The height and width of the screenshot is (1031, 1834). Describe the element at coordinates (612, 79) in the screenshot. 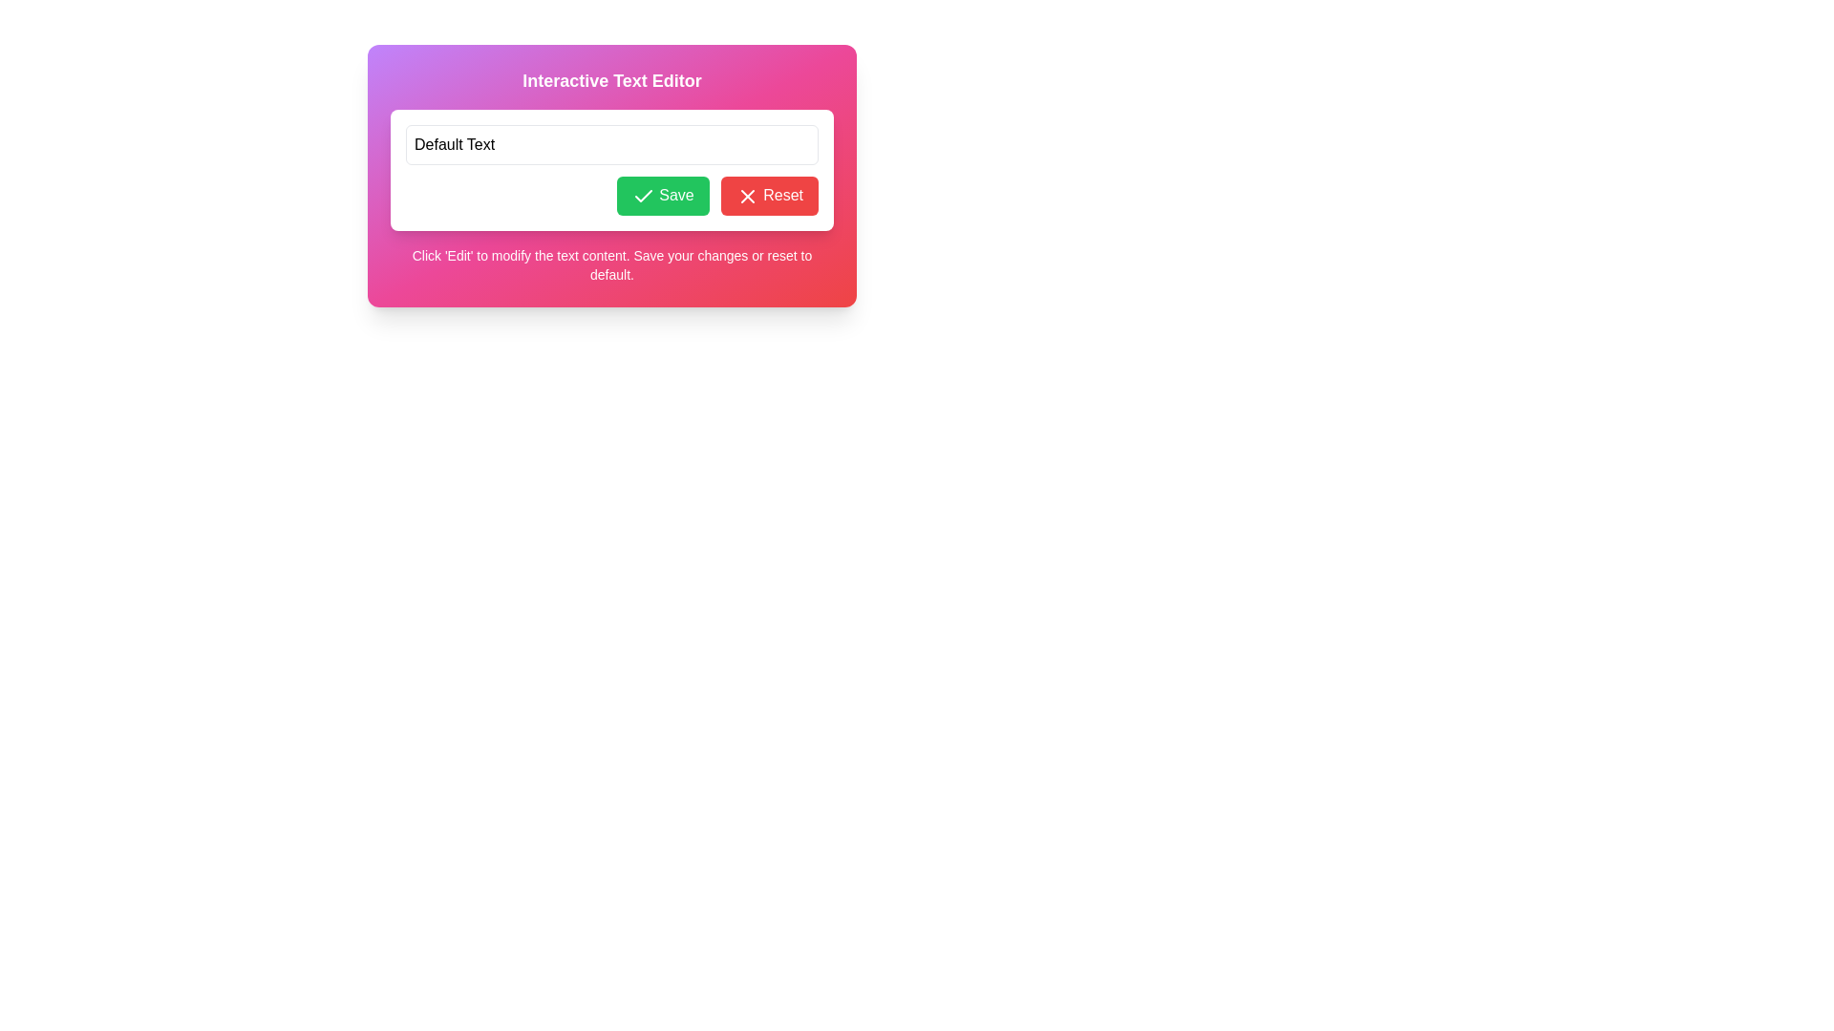

I see `the Text Label that serves as the header for the text editor interface, positioned at the top of the panel` at that location.